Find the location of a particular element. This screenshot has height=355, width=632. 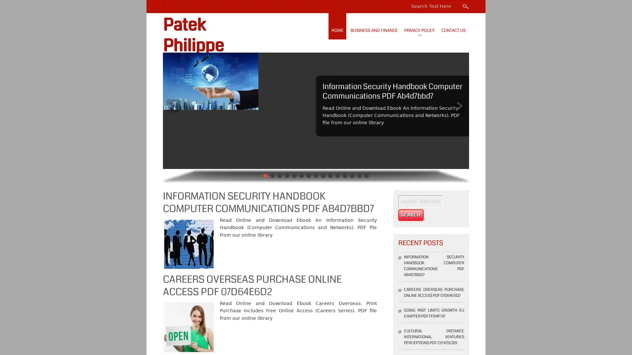

Search is located at coordinates (410, 215).